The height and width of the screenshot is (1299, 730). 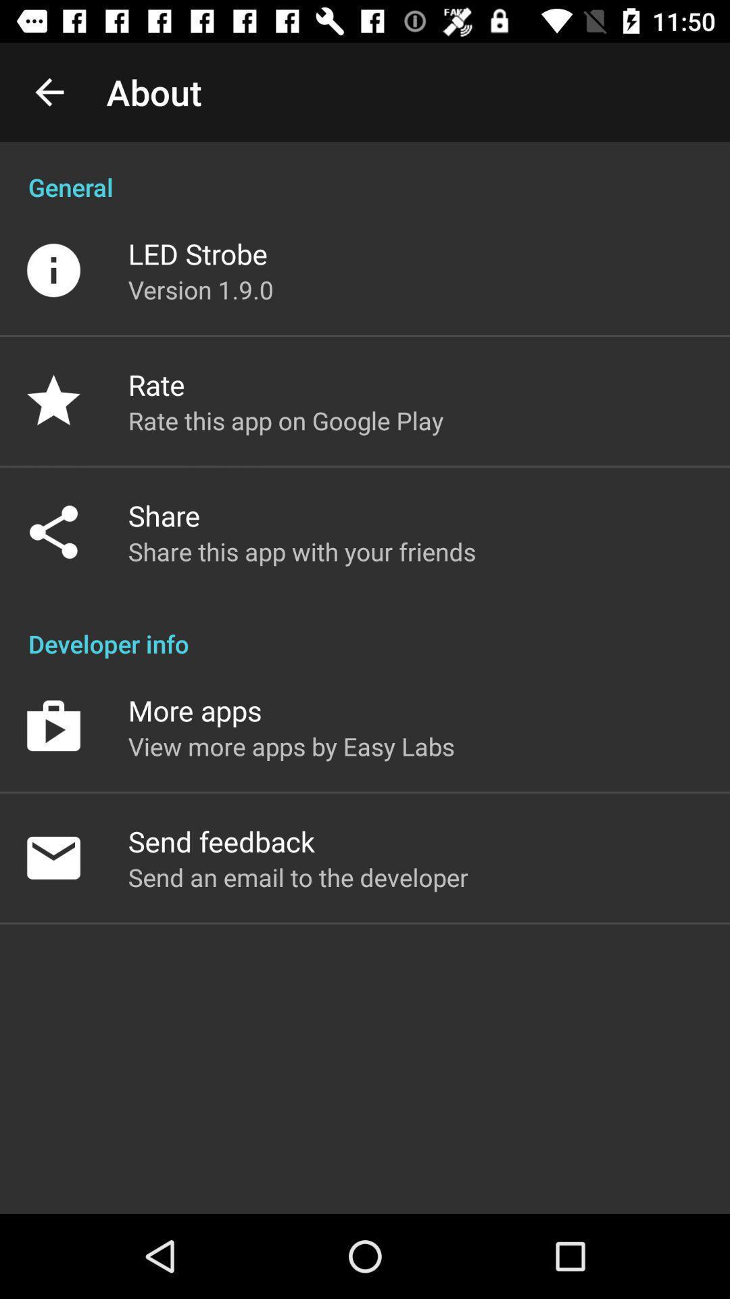 I want to click on icon below the view more apps item, so click(x=220, y=840).